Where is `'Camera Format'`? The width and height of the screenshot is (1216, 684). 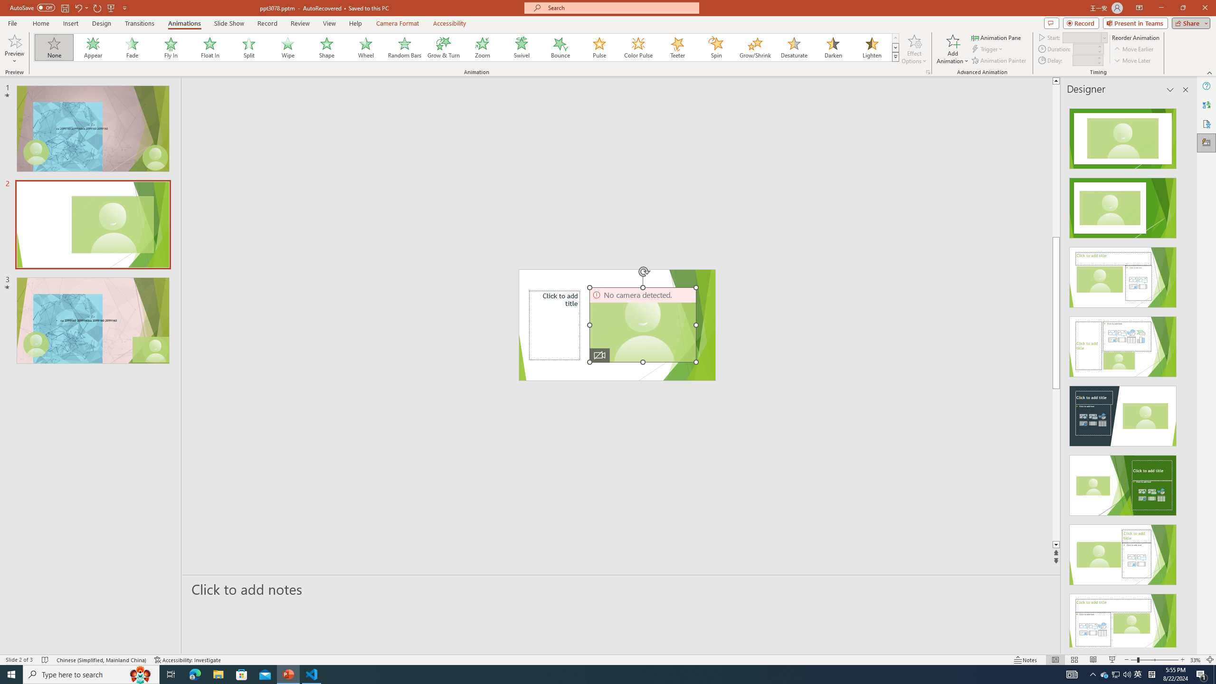 'Camera Format' is located at coordinates (397, 23).